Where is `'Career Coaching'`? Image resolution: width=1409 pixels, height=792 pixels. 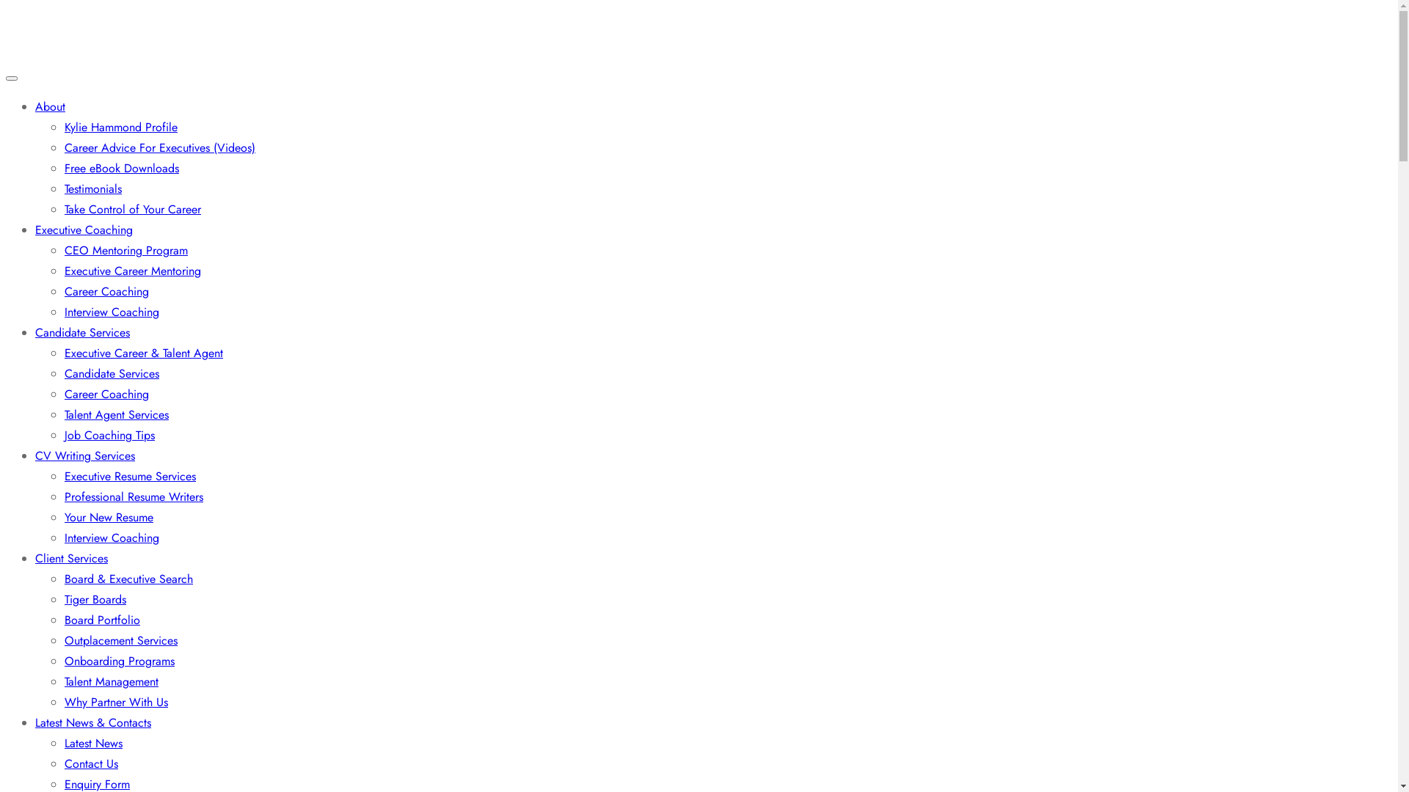
'Career Coaching' is located at coordinates (106, 291).